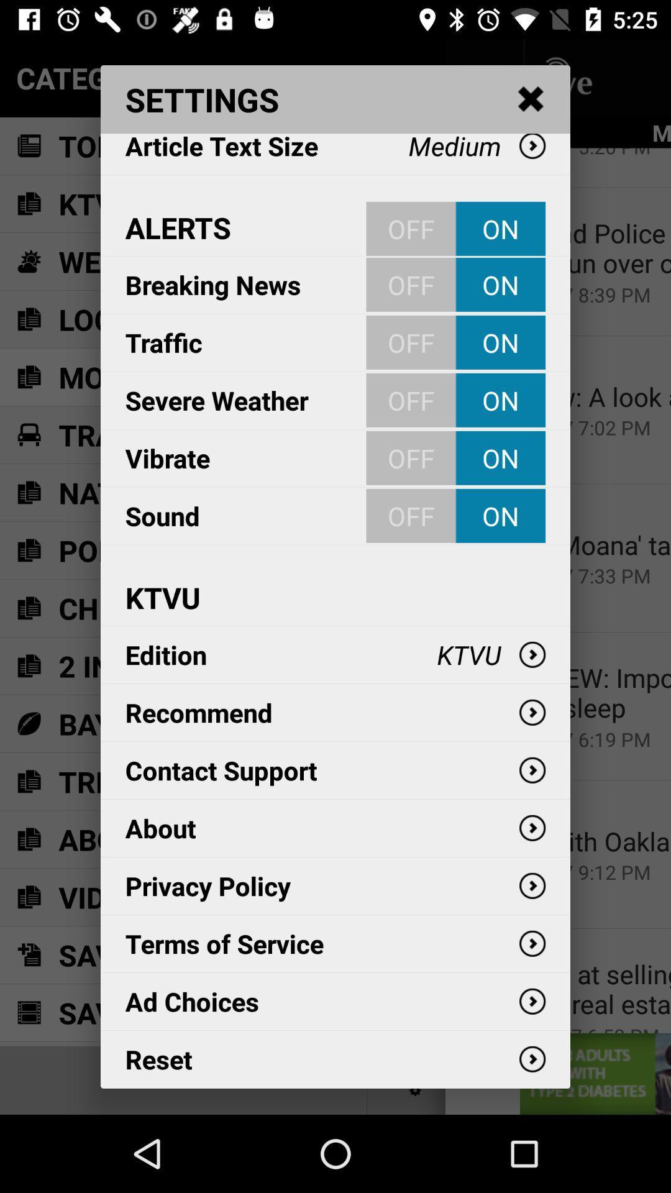  What do you see at coordinates (531, 99) in the screenshot?
I see `close` at bounding box center [531, 99].